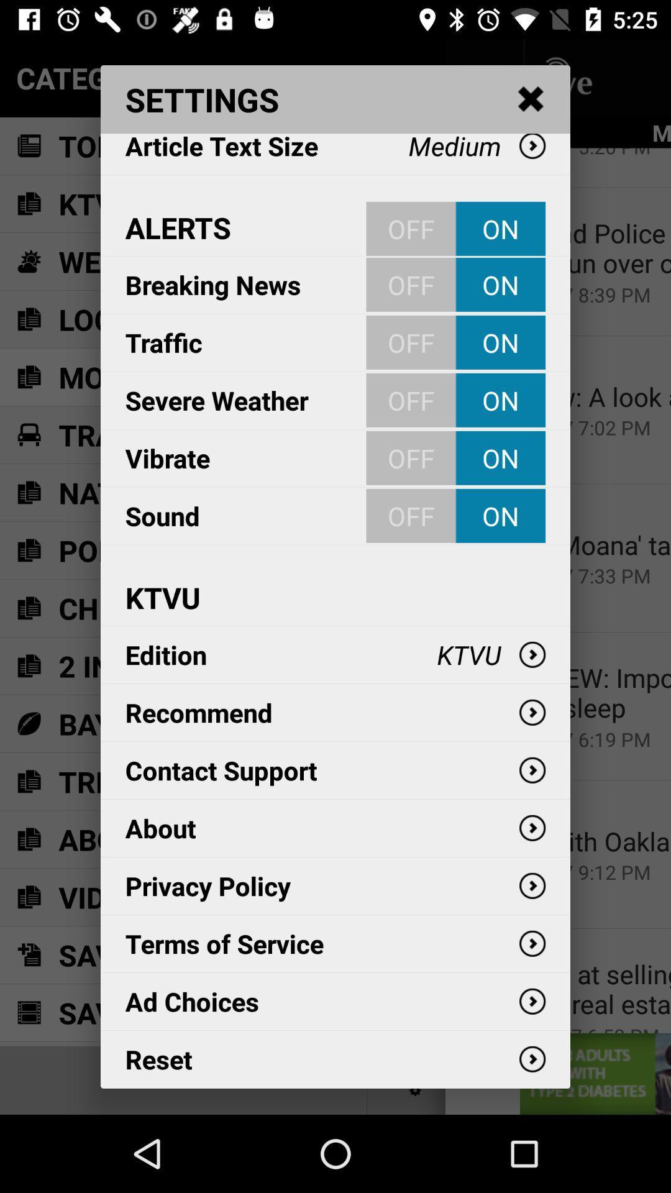  What do you see at coordinates (531, 99) in the screenshot?
I see `close` at bounding box center [531, 99].